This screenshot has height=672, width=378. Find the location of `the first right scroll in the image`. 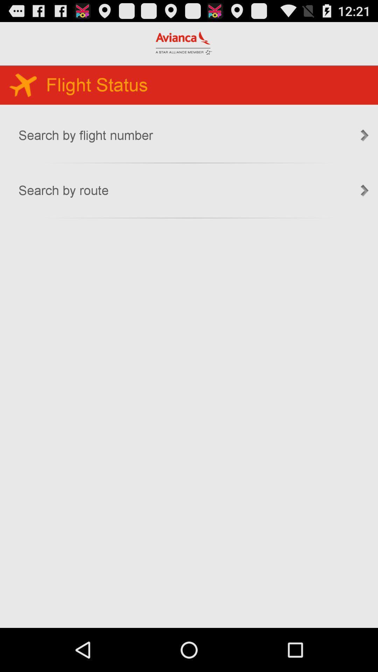

the first right scroll in the image is located at coordinates (364, 135).